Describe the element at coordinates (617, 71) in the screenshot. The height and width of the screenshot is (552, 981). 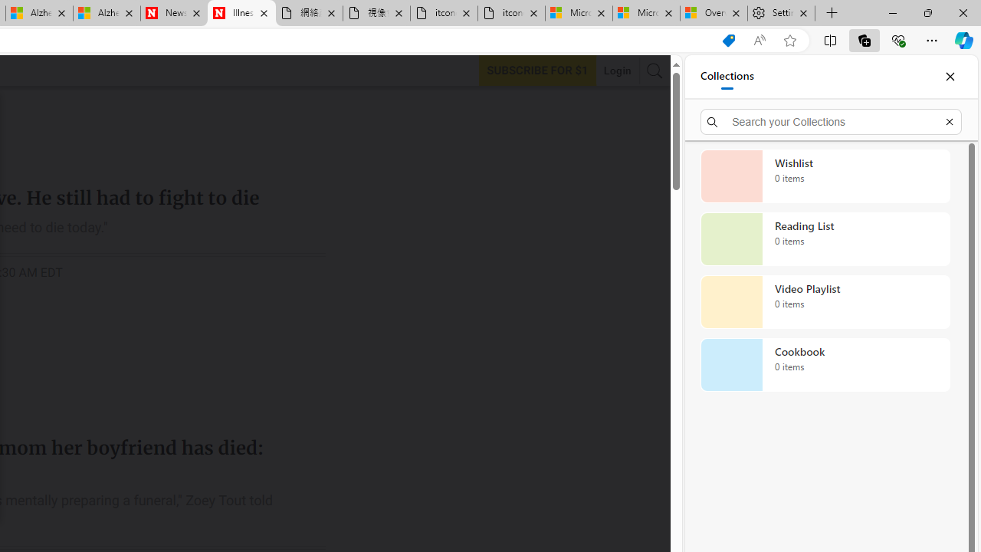
I see `'Login'` at that location.